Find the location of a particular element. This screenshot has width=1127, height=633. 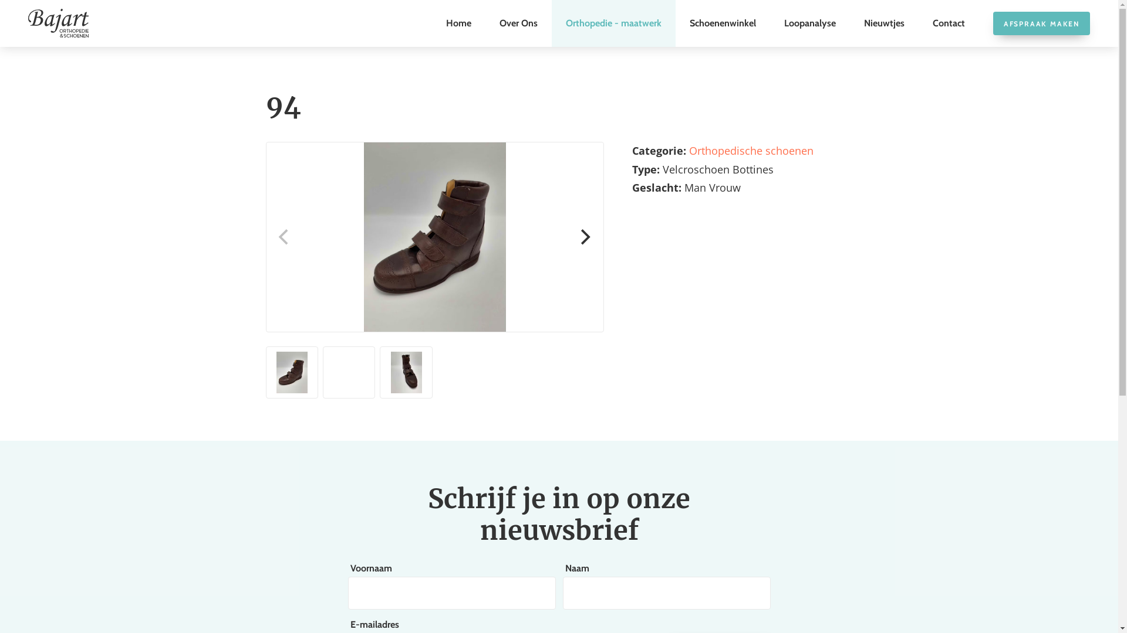

'Contact' is located at coordinates (949, 23).